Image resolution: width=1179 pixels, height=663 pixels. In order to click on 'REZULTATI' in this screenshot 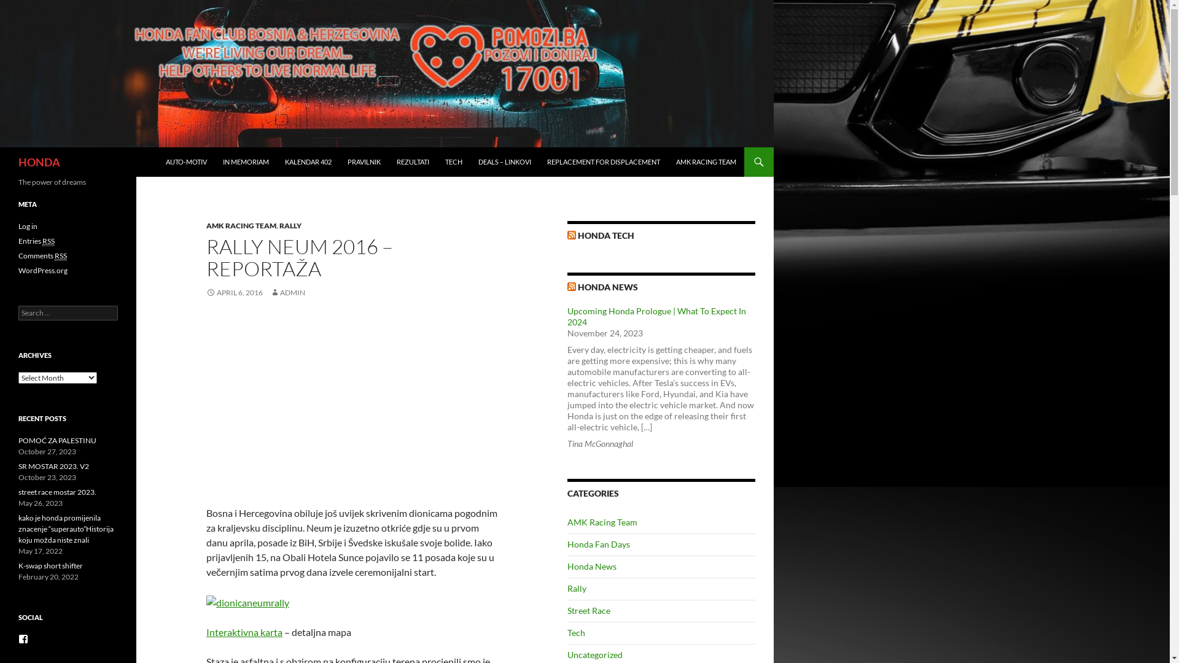, I will do `click(413, 161)`.